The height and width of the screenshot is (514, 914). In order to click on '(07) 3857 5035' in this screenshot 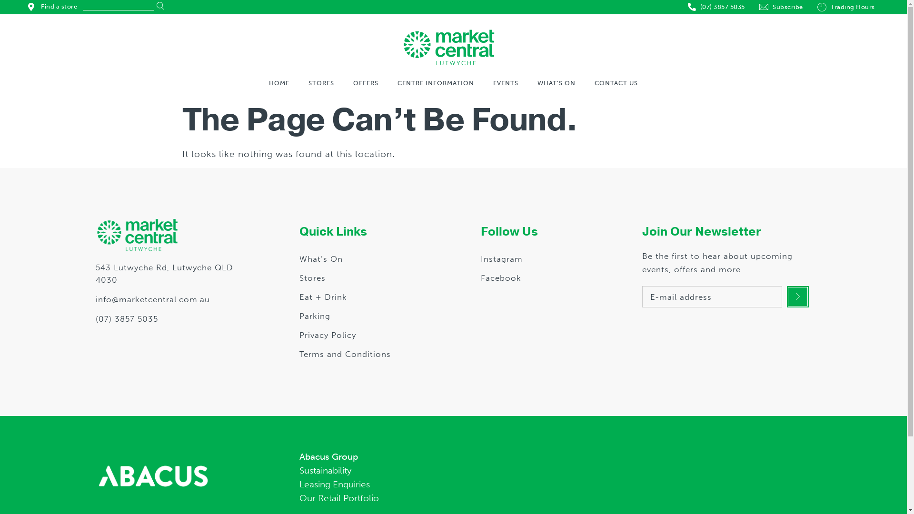, I will do `click(171, 319)`.